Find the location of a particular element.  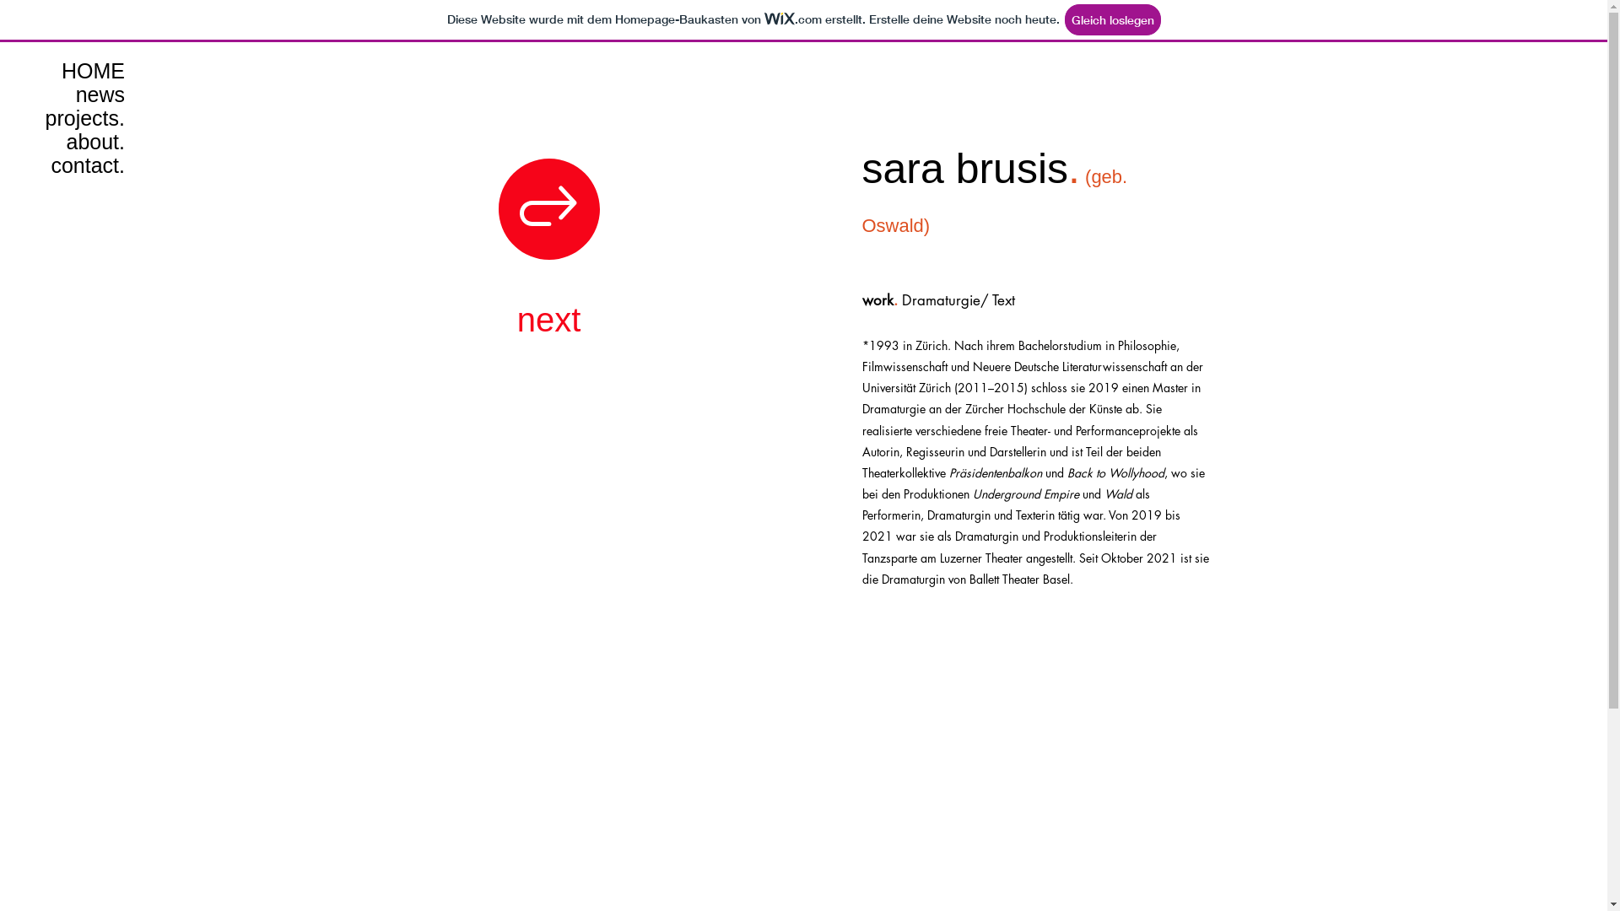

'projects.' is located at coordinates (70, 116).